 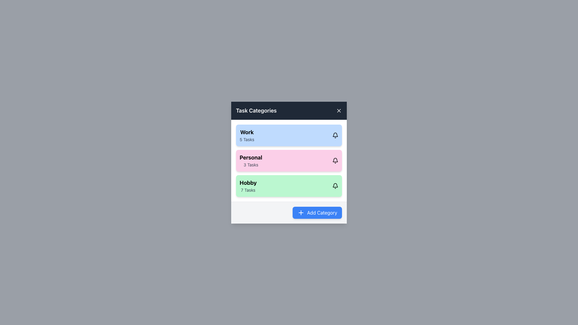 What do you see at coordinates (322, 212) in the screenshot?
I see `the descriptive text label within the button located at the bottom center of the interface` at bounding box center [322, 212].